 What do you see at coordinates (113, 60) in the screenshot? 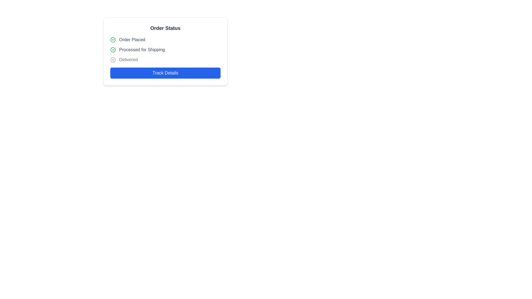
I see `the third icon in the vertical sequence within the 'Order Status' section that indicates an event marked as inactive or failed for 'Delivered' status` at bounding box center [113, 60].